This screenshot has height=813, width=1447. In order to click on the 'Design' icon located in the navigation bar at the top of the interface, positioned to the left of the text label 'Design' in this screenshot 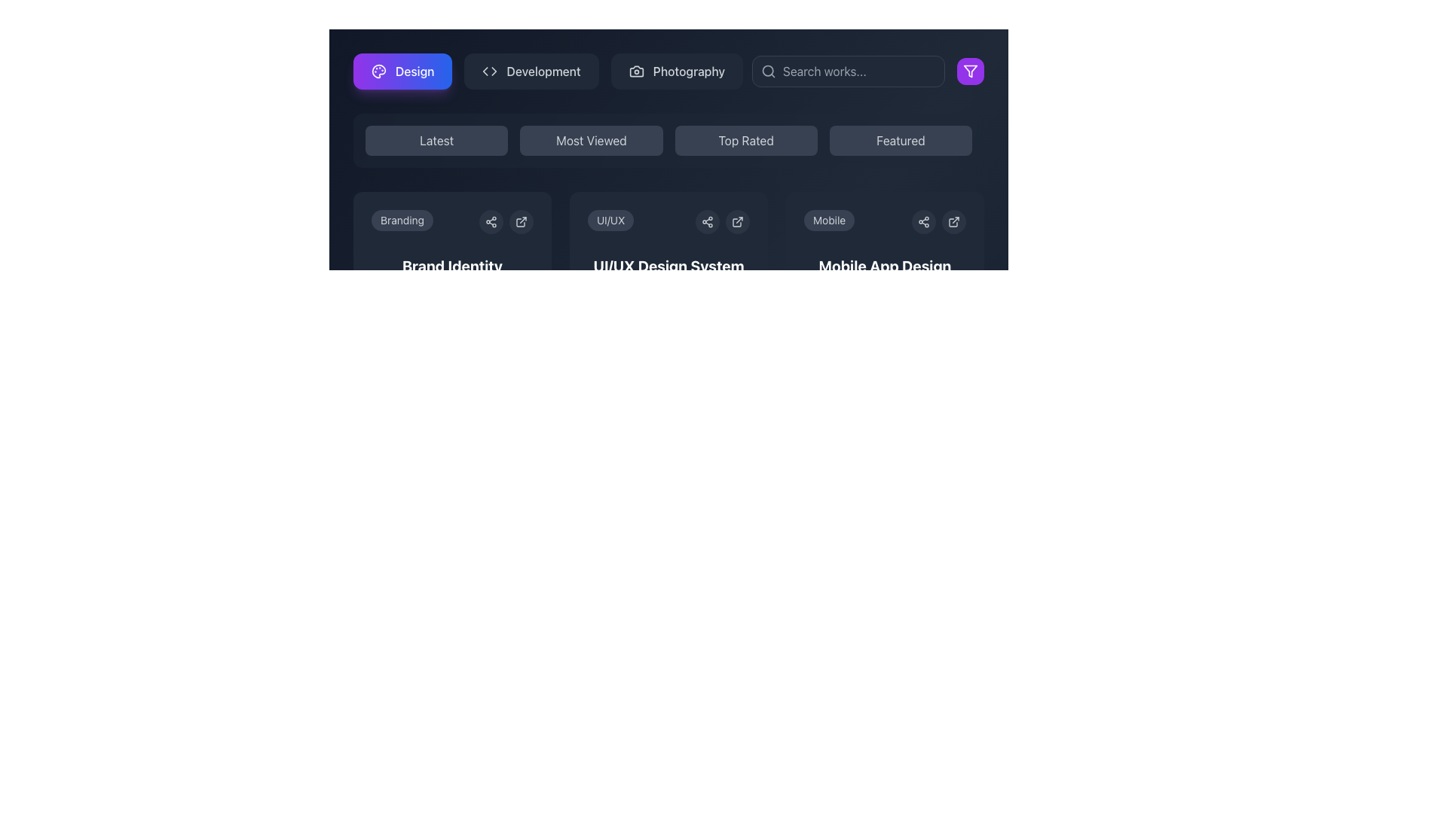, I will do `click(379, 72)`.